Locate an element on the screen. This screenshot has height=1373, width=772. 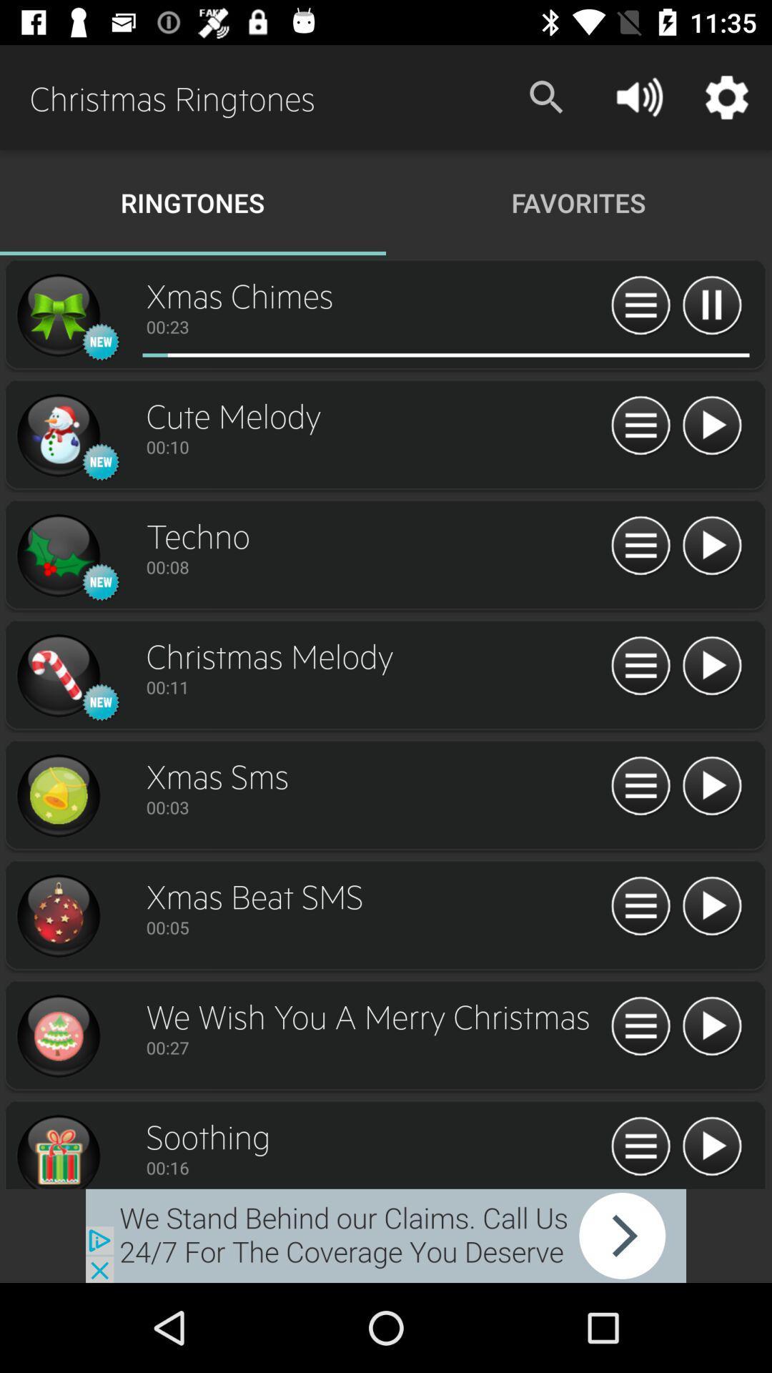
more is located at coordinates (640, 546).